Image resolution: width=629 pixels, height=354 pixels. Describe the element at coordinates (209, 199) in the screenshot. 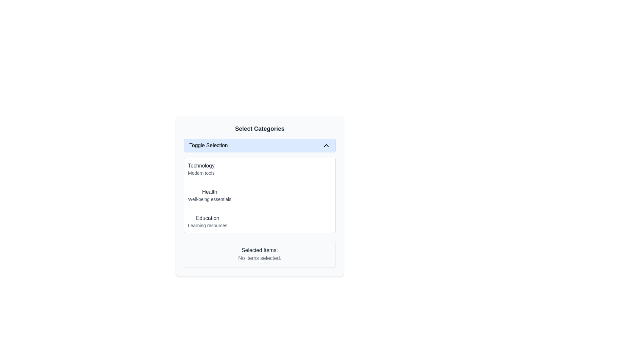

I see `the text label displaying 'Well-being essentials' which is positioned below the 'Health' heading in the categorized selection interface` at that location.